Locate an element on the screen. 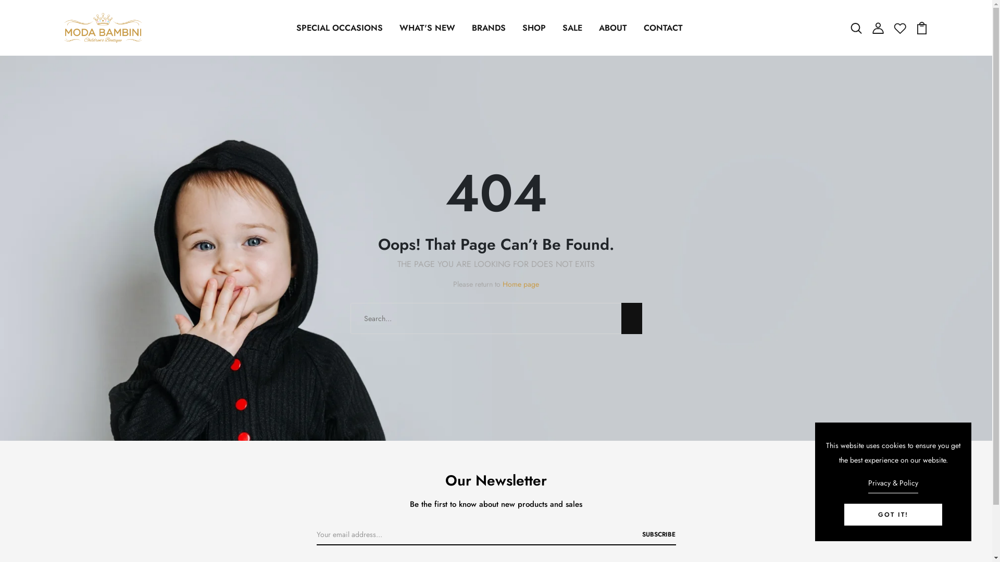 The height and width of the screenshot is (562, 1000). 'CONTACT' is located at coordinates (639, 28).